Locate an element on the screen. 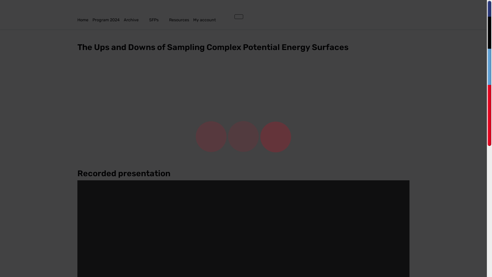 The height and width of the screenshot is (277, 492). 'Archive' is located at coordinates (136, 19).